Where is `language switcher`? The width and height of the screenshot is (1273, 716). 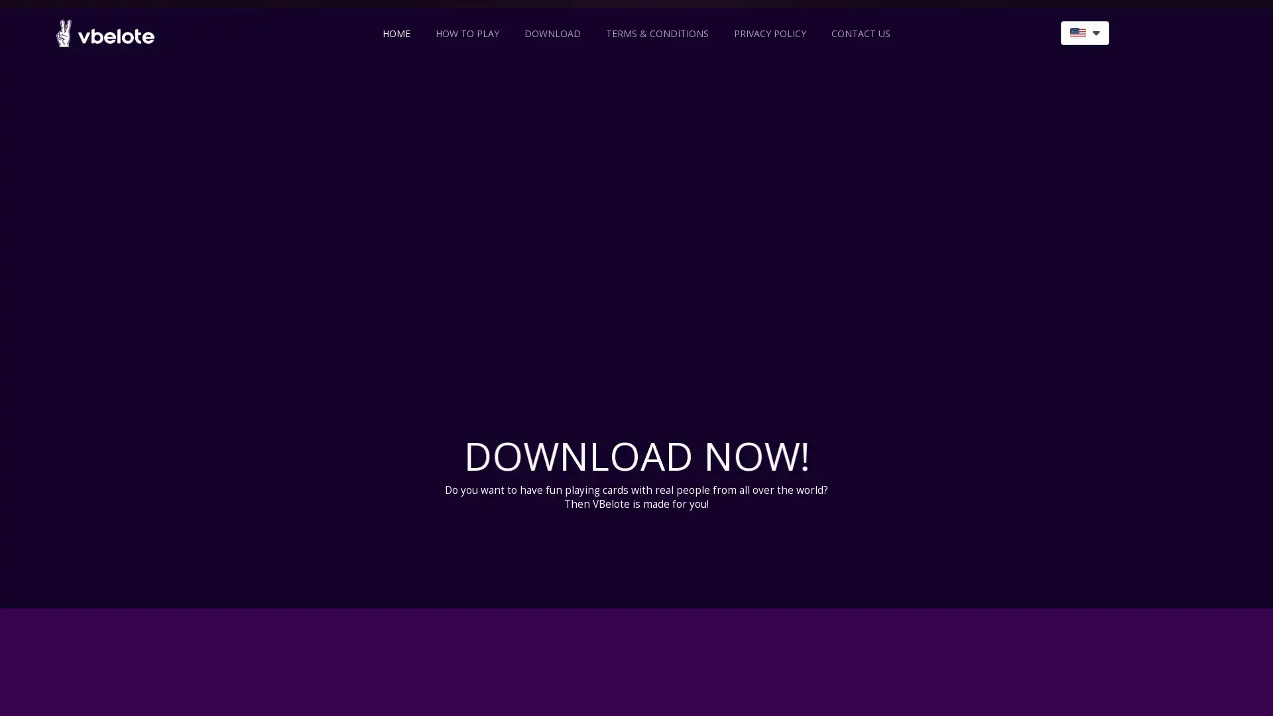
language switcher is located at coordinates (1084, 32).